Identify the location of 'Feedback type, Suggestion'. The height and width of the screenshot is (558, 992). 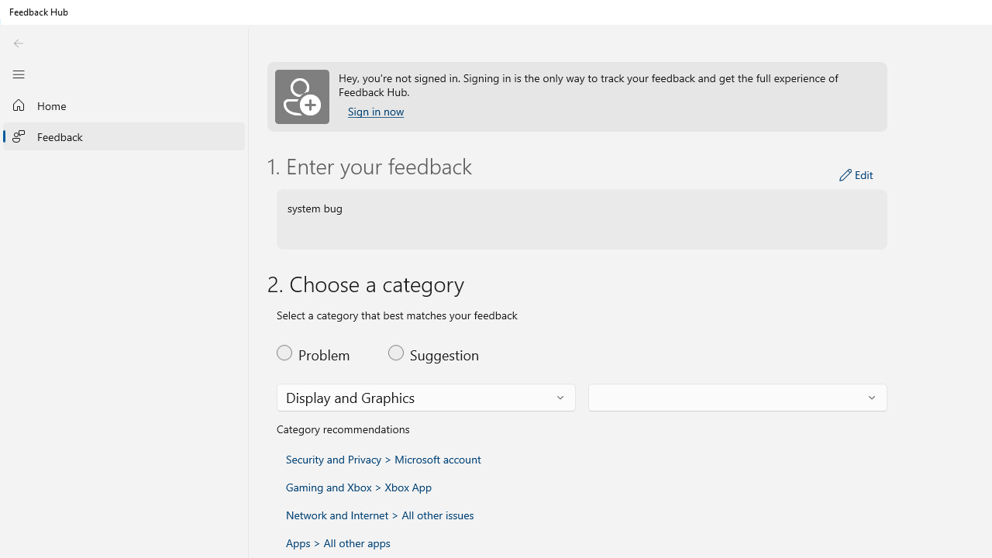
(434, 353).